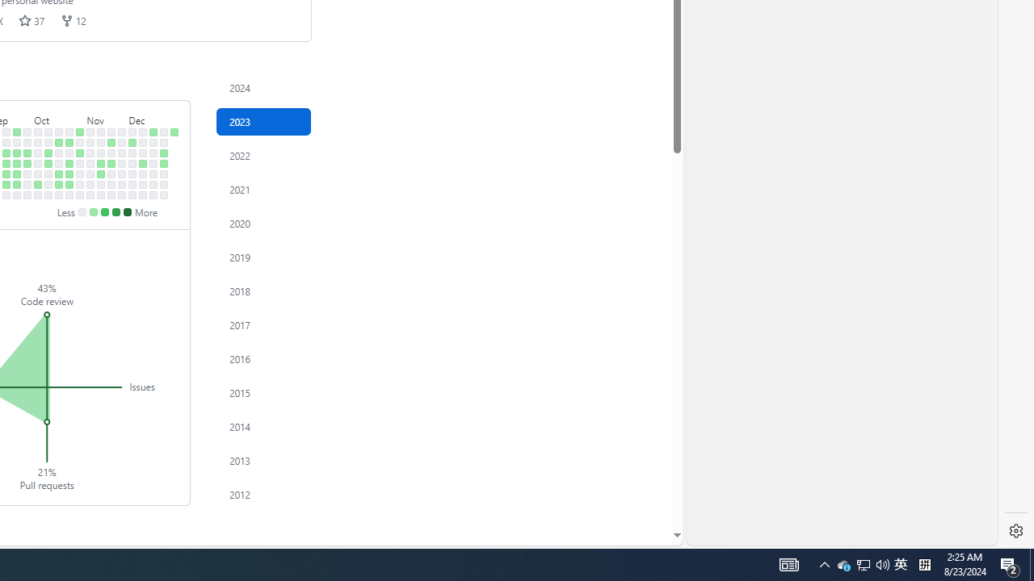 The height and width of the screenshot is (581, 1034). Describe the element at coordinates (90, 141) in the screenshot. I see `'No contributions on November 6th.'` at that location.